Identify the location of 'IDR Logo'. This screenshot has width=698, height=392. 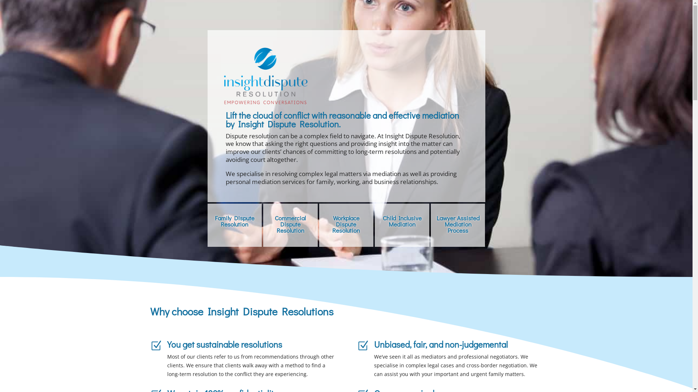
(265, 75).